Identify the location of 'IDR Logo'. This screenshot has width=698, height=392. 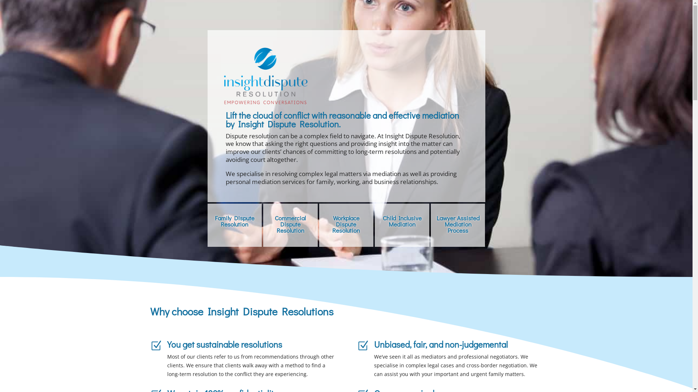
(265, 75).